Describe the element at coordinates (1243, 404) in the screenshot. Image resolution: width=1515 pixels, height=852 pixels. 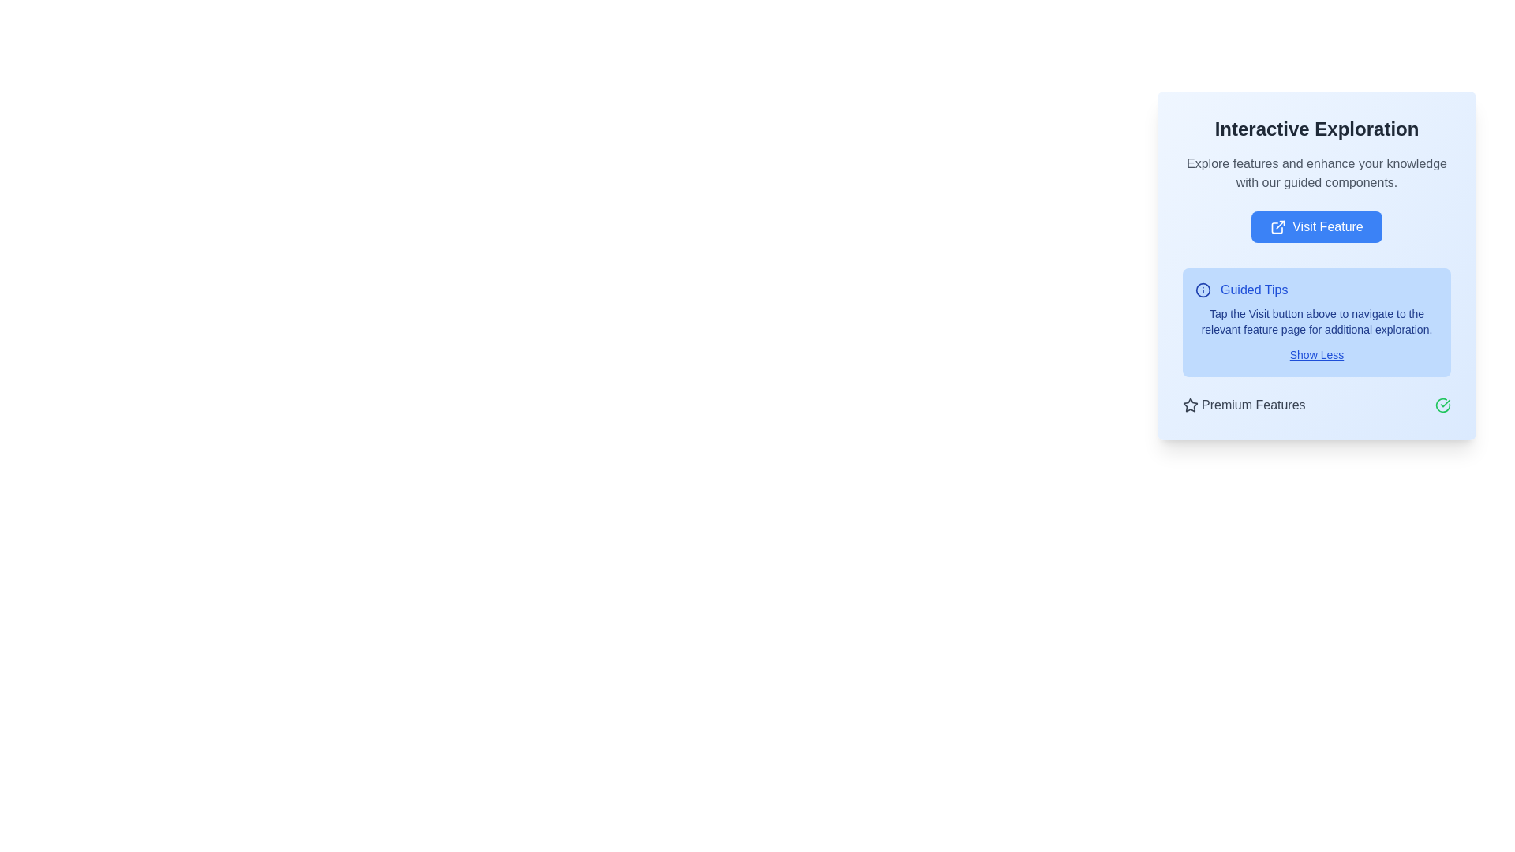
I see `the label with an icon indicating premium access located at the bottom-left corner of the rectangular card` at that location.